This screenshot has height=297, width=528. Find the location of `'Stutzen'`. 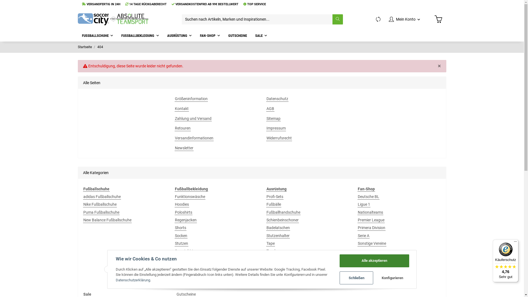

'Stutzen' is located at coordinates (174, 243).